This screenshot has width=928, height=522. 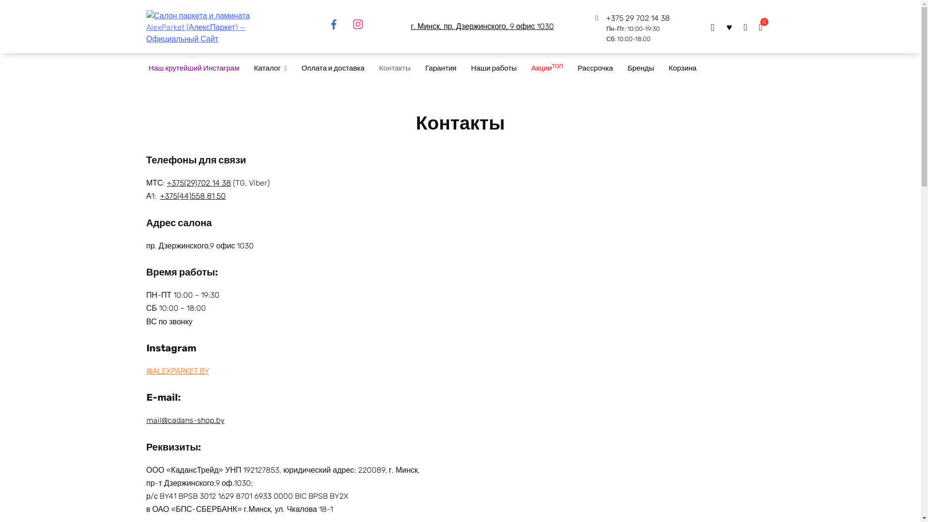 What do you see at coordinates (185, 420) in the screenshot?
I see `'mail@cadans-shop.by'` at bounding box center [185, 420].